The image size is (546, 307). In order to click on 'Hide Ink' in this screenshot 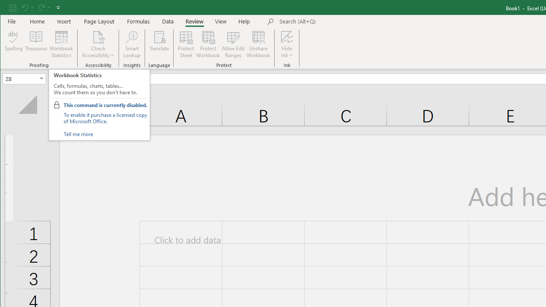, I will do `click(287, 44)`.